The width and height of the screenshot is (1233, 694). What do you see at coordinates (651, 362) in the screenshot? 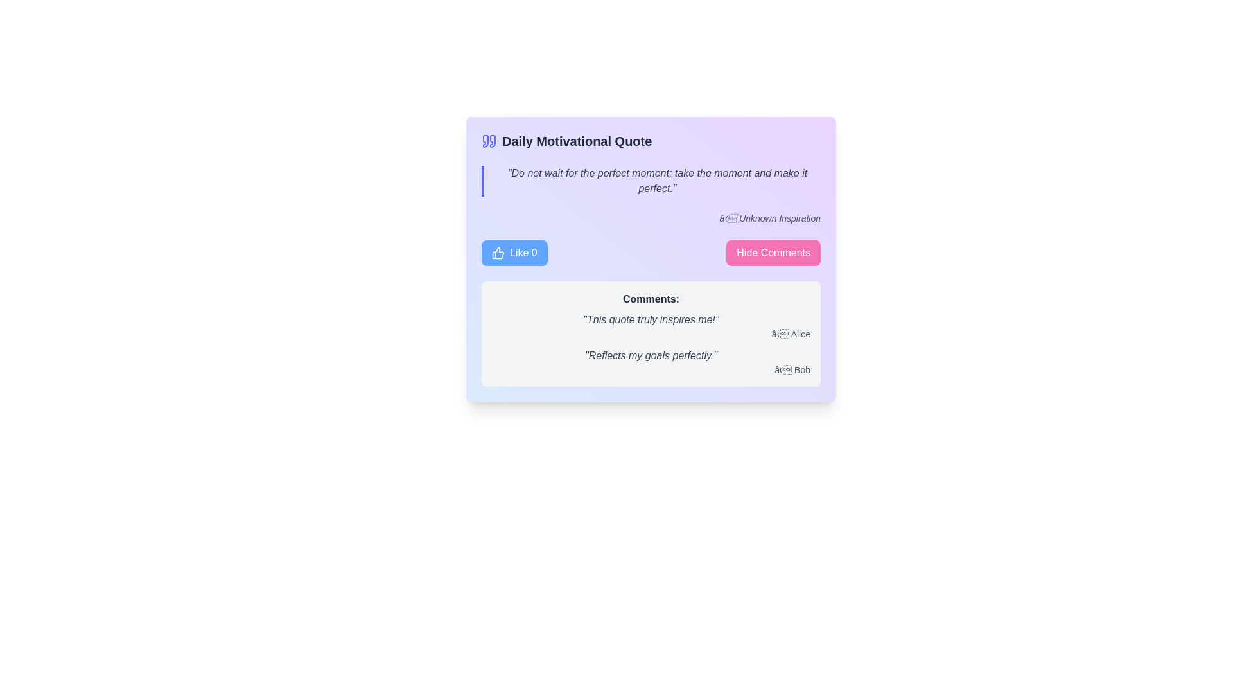
I see `the second comment in the 'Comments' section of the motivational quote widget, which is located below the comment attributed to 'Alice'` at bounding box center [651, 362].